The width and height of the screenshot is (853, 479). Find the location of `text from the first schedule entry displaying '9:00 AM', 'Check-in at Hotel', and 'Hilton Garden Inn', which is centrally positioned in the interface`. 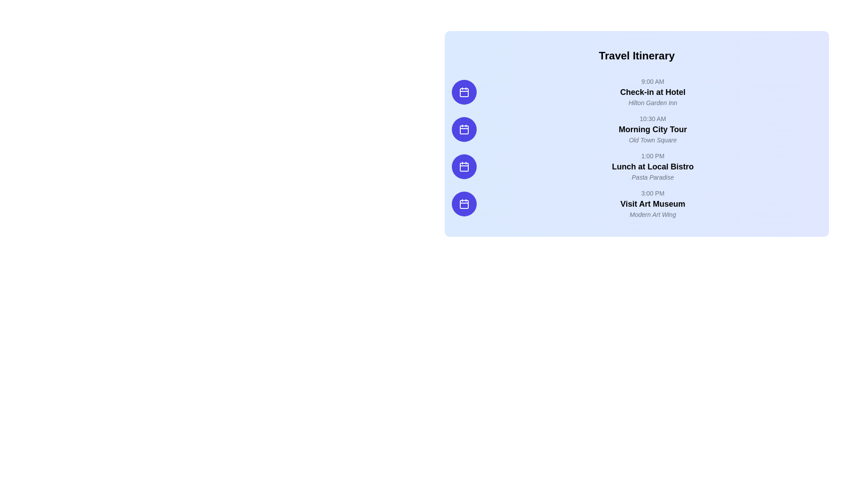

text from the first schedule entry displaying '9:00 AM', 'Check-in at Hotel', and 'Hilton Garden Inn', which is centrally positioned in the interface is located at coordinates (653, 92).